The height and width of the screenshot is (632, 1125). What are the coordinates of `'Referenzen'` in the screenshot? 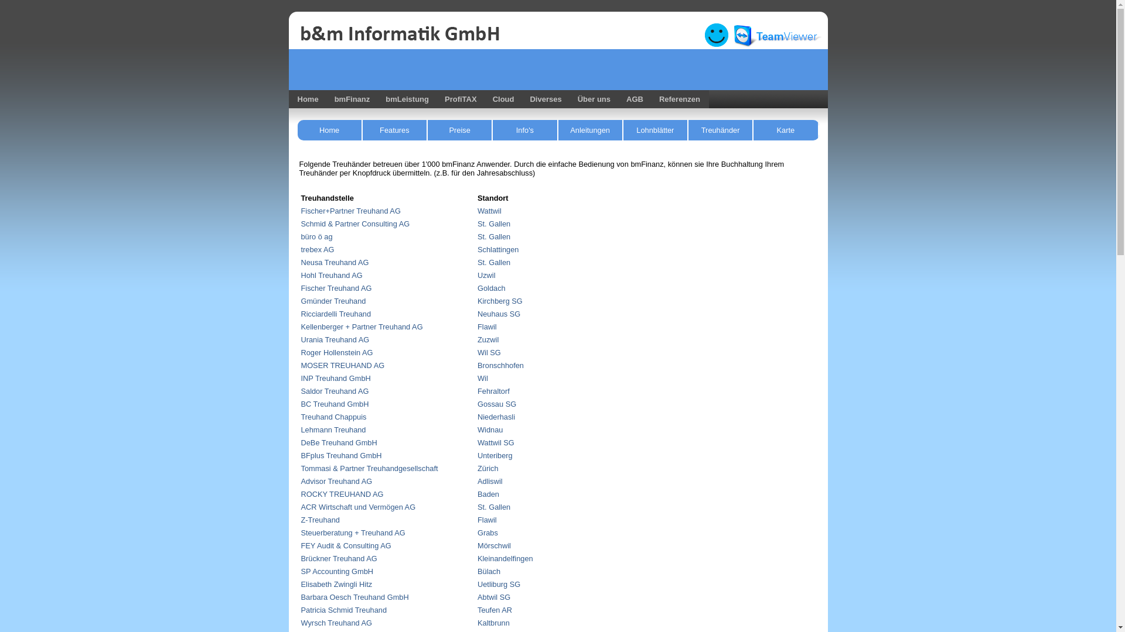 It's located at (680, 98).